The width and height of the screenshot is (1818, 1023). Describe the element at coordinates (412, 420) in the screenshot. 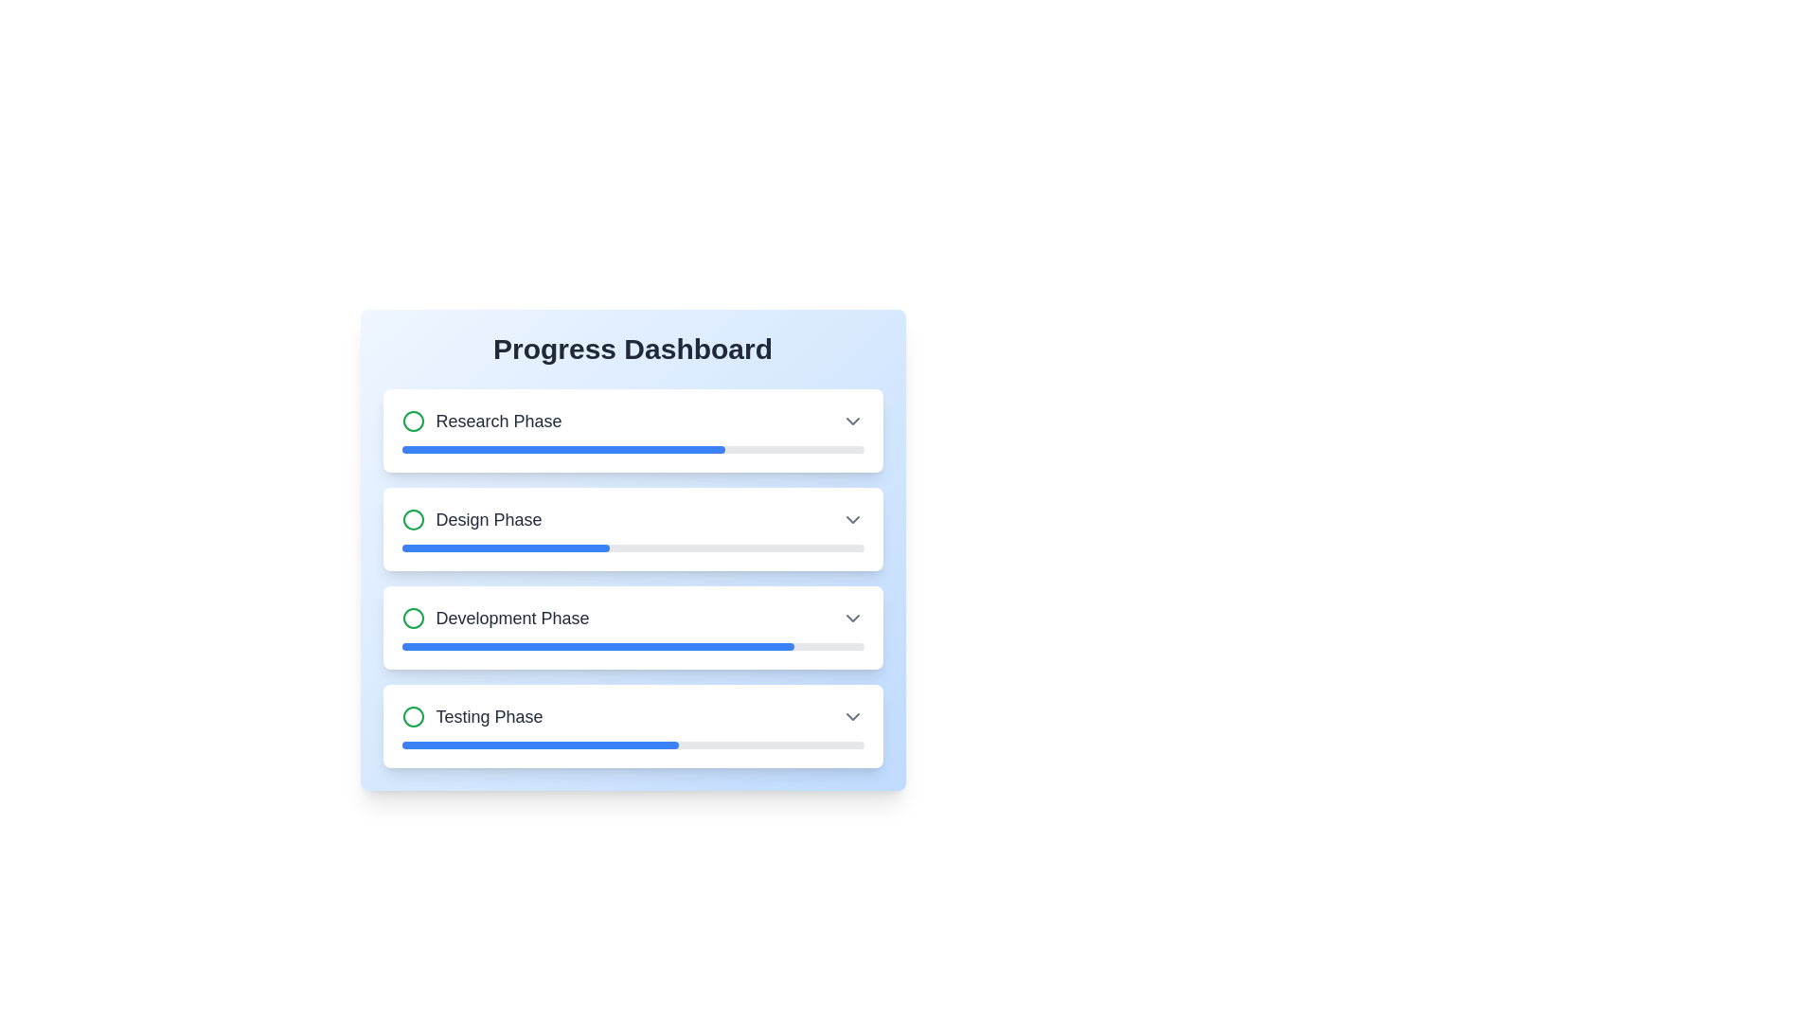

I see `the circle graphic within the 'Progress Dashboard' that indicates the 'Research Phase' status to analyze its significance based on appearance` at that location.